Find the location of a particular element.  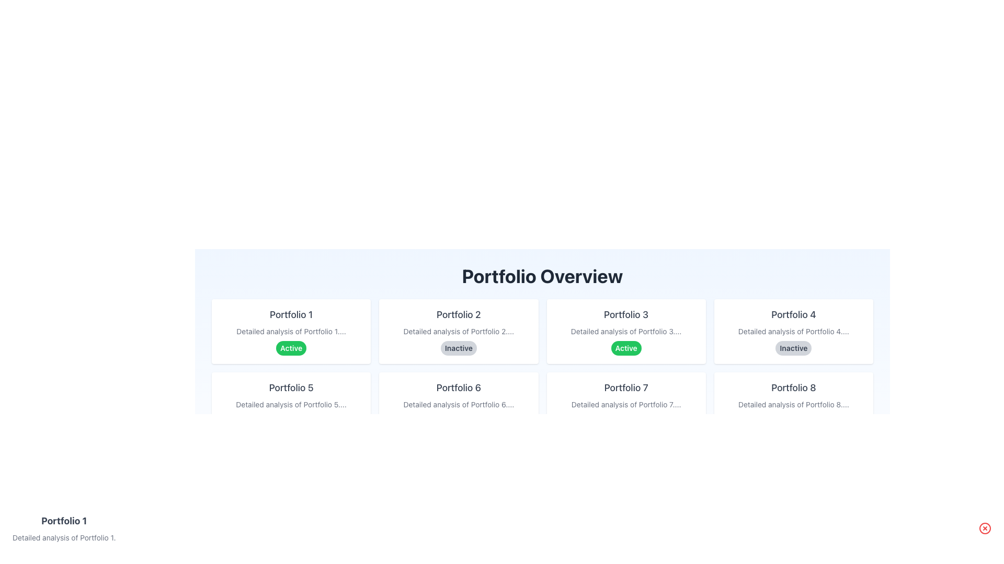

the text label that reads 'Portfolio 2', which is styled with a larger font size and dark gray color, located at the top of the second card in a horizontal layout of portfolio cards is located at coordinates (459, 314).